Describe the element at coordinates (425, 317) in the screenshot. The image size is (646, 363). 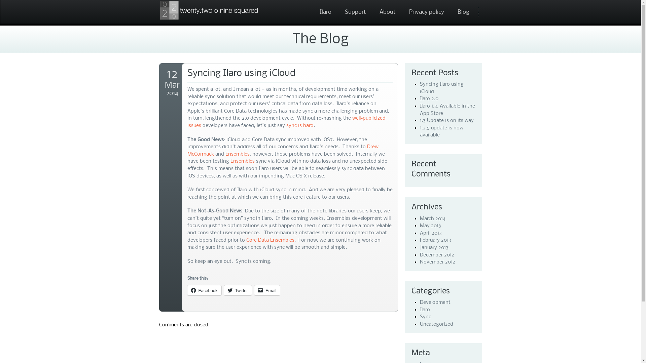
I see `'Sync'` at that location.